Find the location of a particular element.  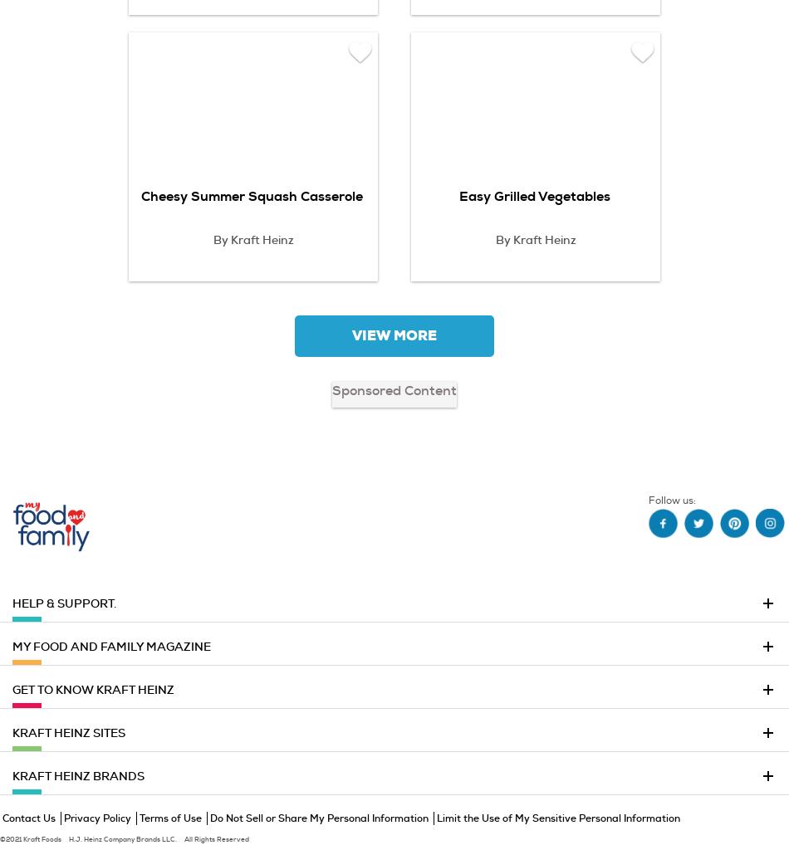

'view more' is located at coordinates (394, 335).